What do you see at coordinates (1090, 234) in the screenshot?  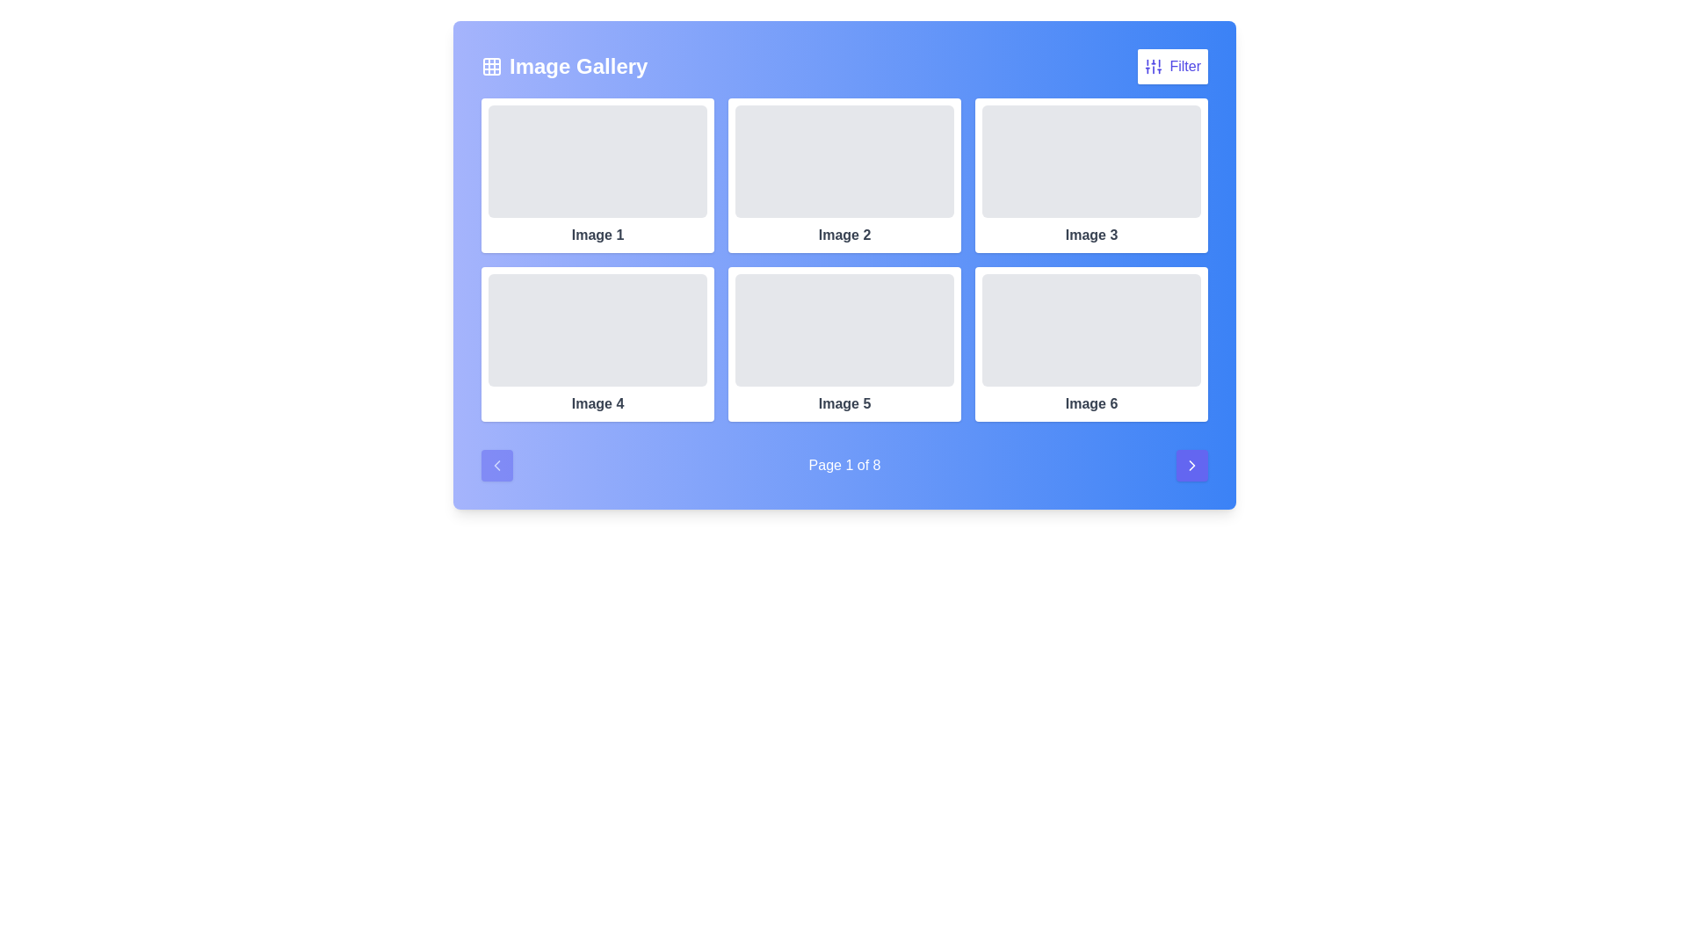 I see `the text label displaying 'Image 3' in a bold, medium-gray font, located below a placeholder image in the third column of the first row of a six-item grid layout` at bounding box center [1090, 234].